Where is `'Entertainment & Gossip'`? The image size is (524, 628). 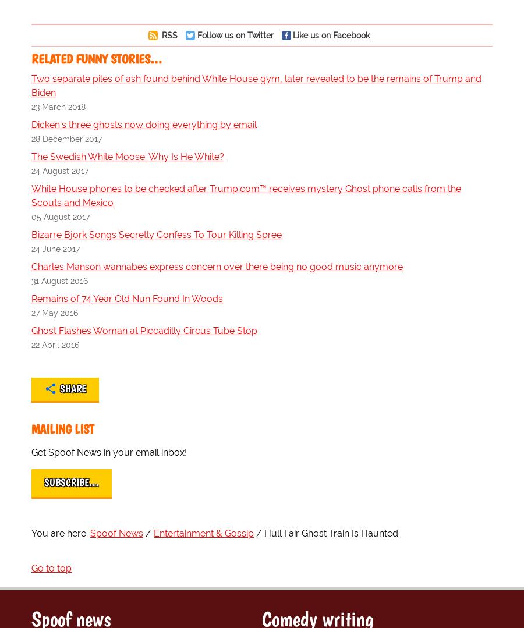
'Entertainment & Gossip' is located at coordinates (153, 533).